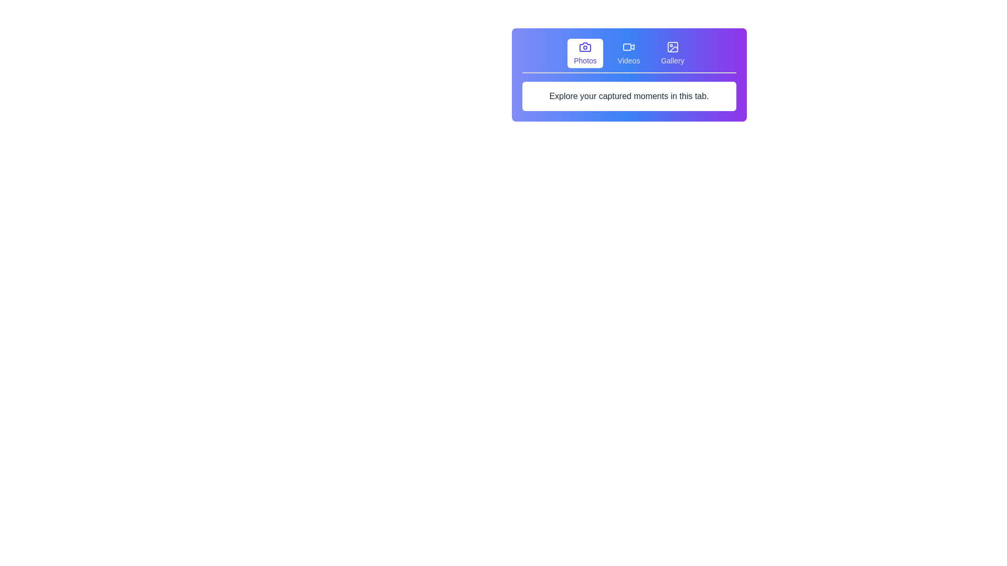  I want to click on the 'Gallery' button in the navigation bar, so click(672, 53).